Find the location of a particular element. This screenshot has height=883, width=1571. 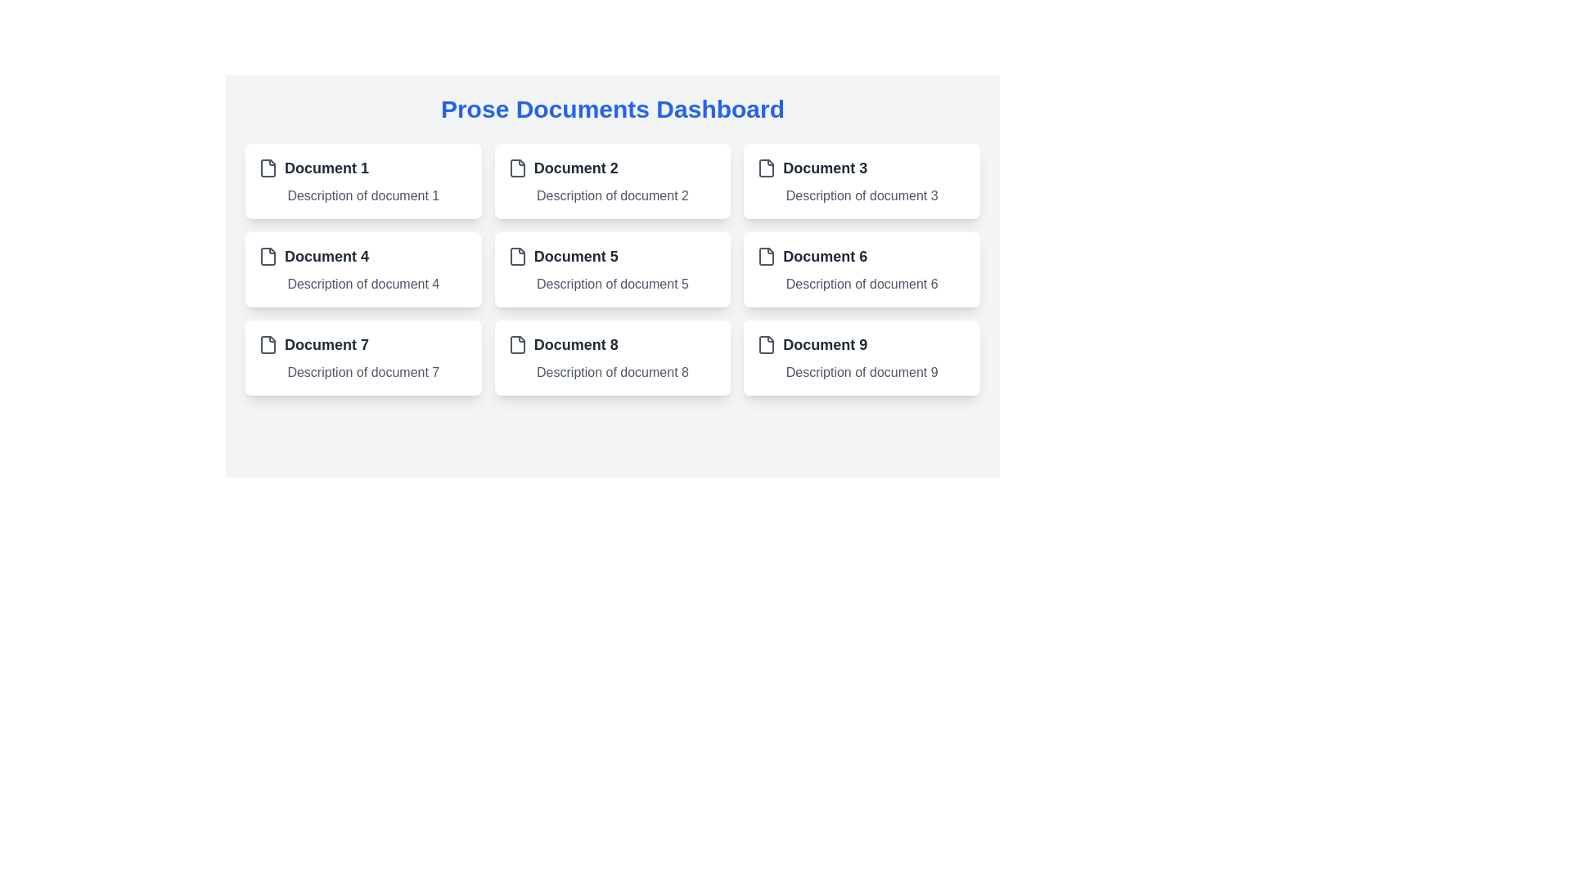

the text label element reading 'Document 9', styled with a bold font in dark gray, located in the bottom-right card of the dashboard grid layout is located at coordinates (861, 343).